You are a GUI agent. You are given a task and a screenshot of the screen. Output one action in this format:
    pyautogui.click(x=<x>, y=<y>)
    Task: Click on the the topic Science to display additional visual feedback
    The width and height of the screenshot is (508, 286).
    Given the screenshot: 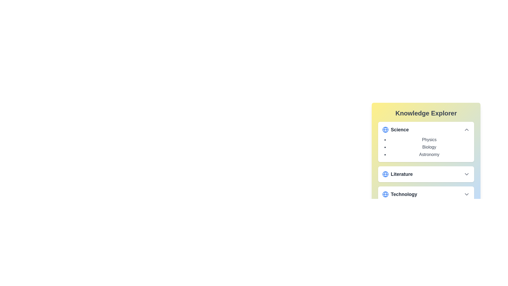 What is the action you would take?
    pyautogui.click(x=426, y=129)
    